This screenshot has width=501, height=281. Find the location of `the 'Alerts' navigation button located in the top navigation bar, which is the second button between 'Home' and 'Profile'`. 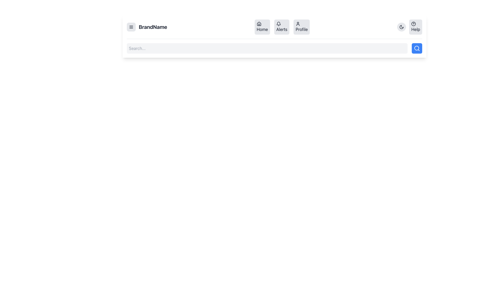

the 'Alerts' navigation button located in the top navigation bar, which is the second button between 'Home' and 'Profile' is located at coordinates (282, 27).